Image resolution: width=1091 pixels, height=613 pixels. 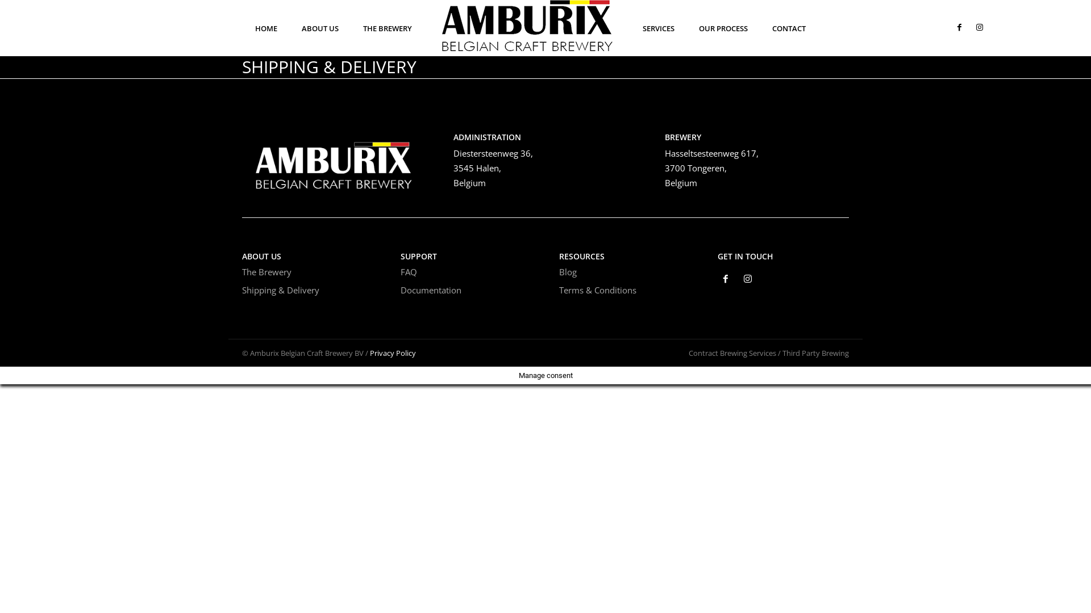 What do you see at coordinates (722, 28) in the screenshot?
I see `'OUR PROCESS'` at bounding box center [722, 28].